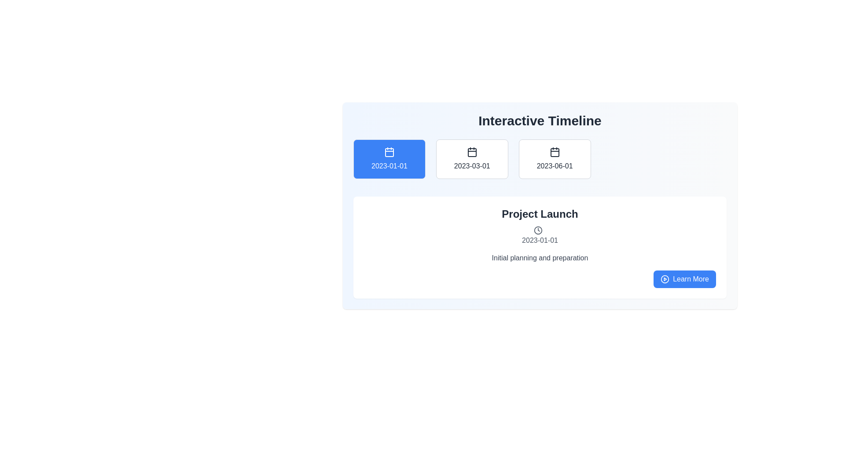 The height and width of the screenshot is (475, 845). Describe the element at coordinates (554, 152) in the screenshot. I see `the calendar icon representing the date '2023-06-01' in the Interactive Timeline interface` at that location.